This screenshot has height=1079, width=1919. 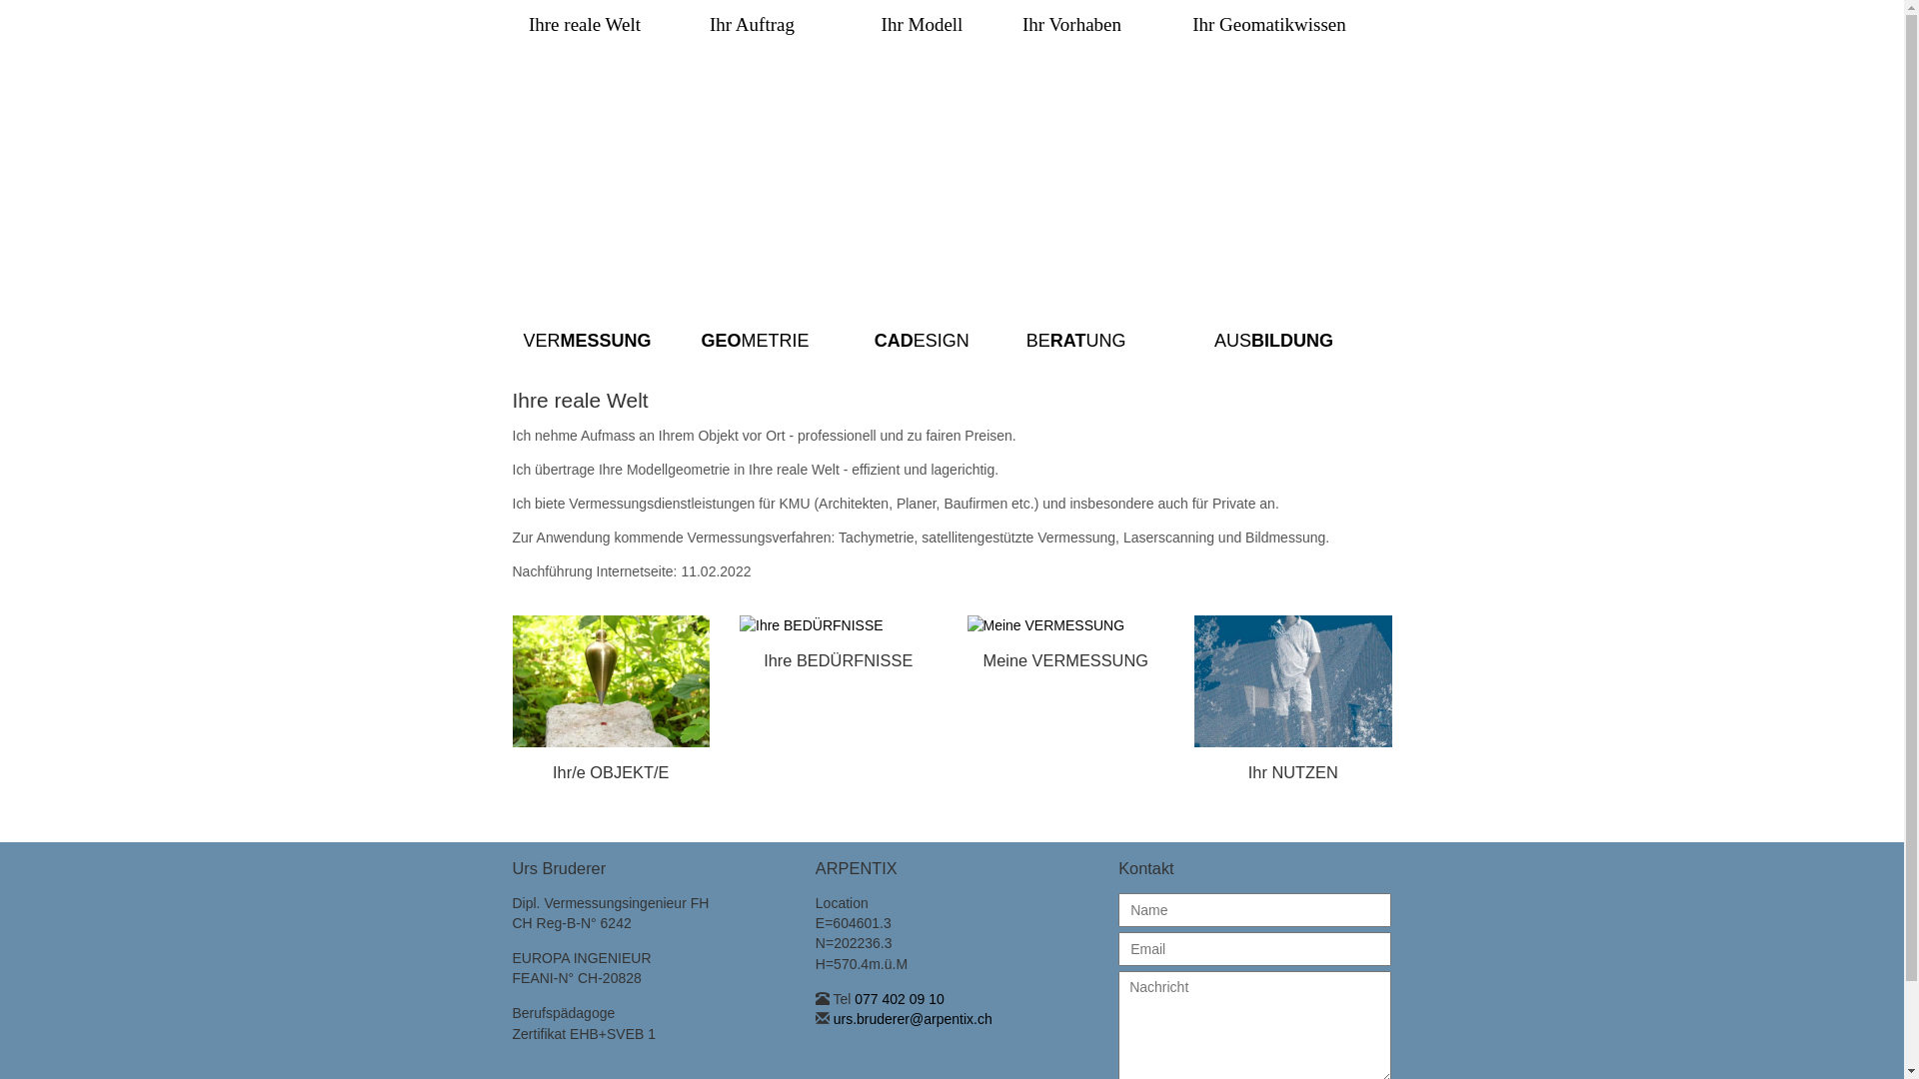 I want to click on 'GEOMETRIE', so click(x=700, y=339).